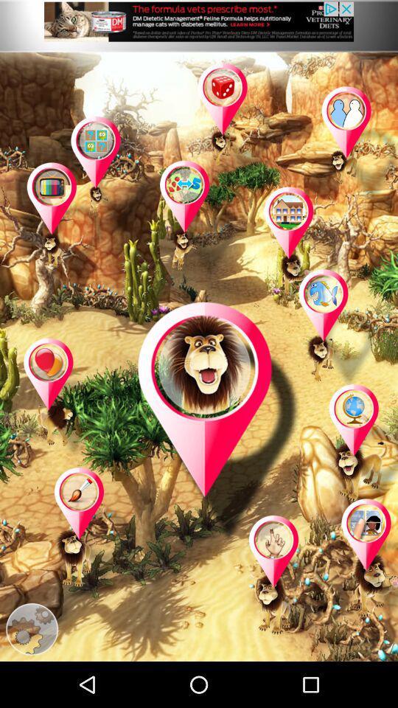  What do you see at coordinates (359, 475) in the screenshot?
I see `the location icon` at bounding box center [359, 475].